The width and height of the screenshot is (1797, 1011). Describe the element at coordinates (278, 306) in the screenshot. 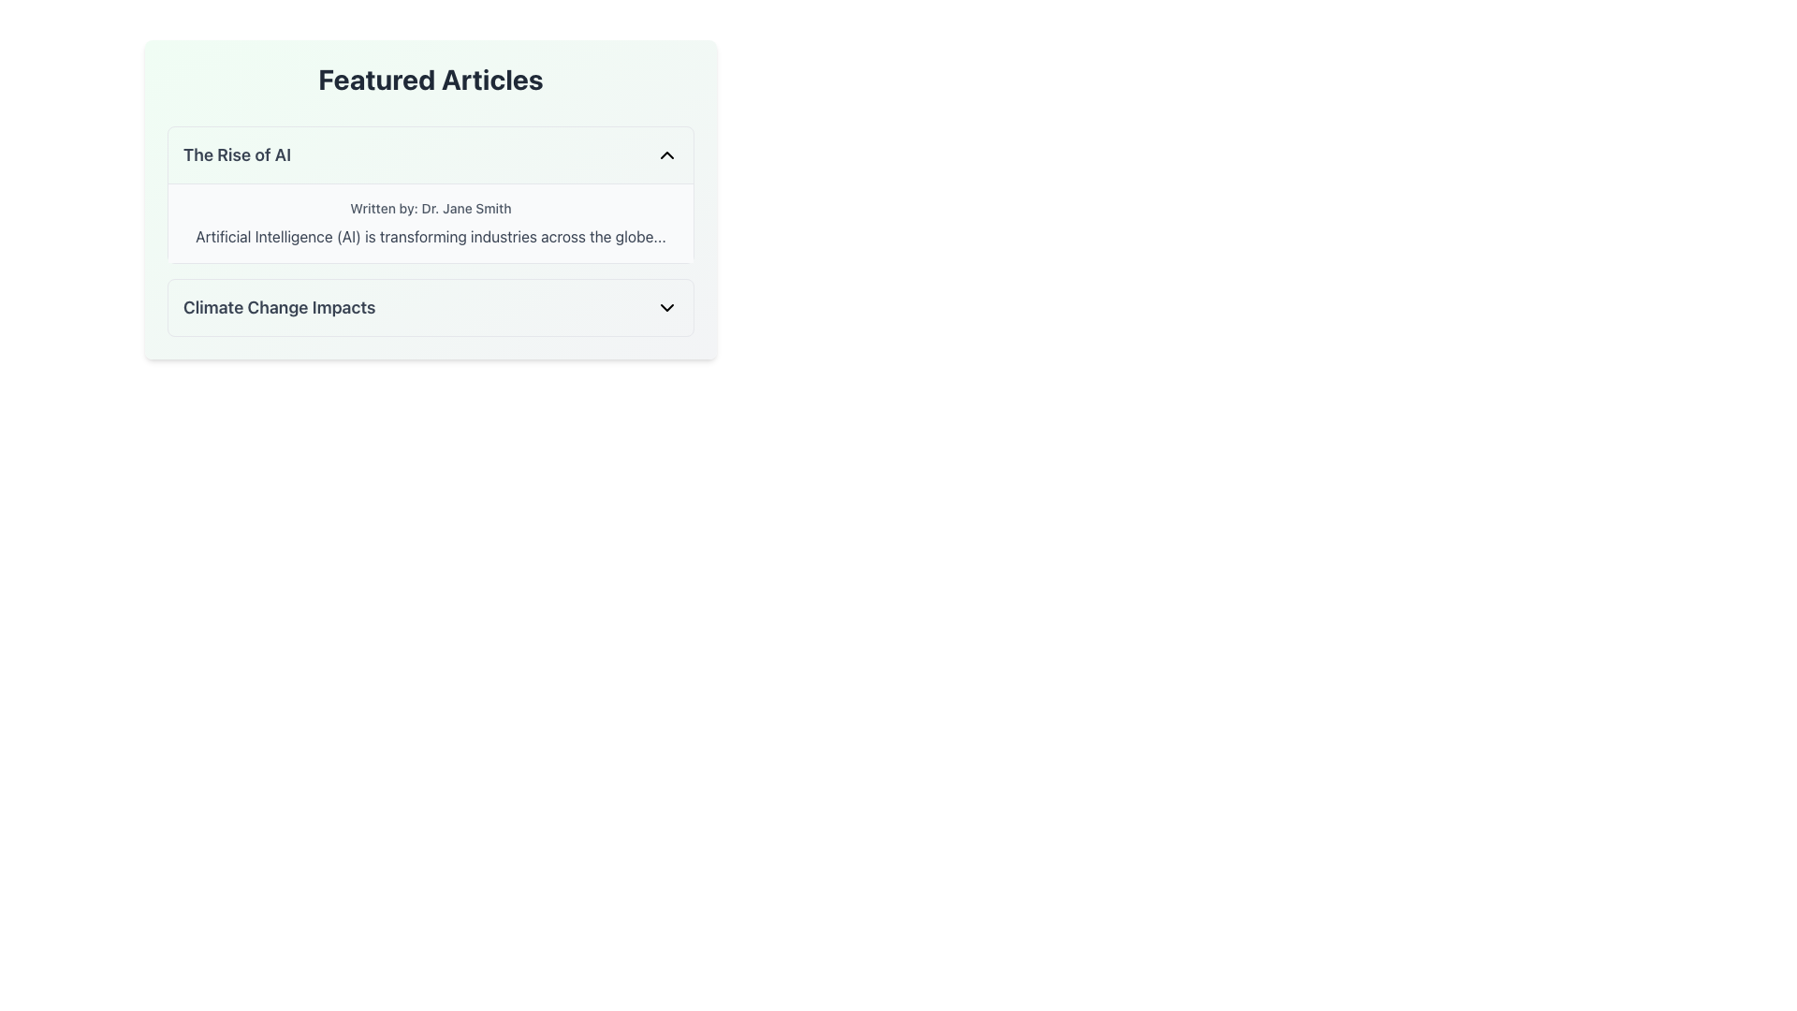

I see `the text label displaying 'Climate Change Impacts', which is styled in gray and positioned below the section titled 'The Rise of AI'` at that location.